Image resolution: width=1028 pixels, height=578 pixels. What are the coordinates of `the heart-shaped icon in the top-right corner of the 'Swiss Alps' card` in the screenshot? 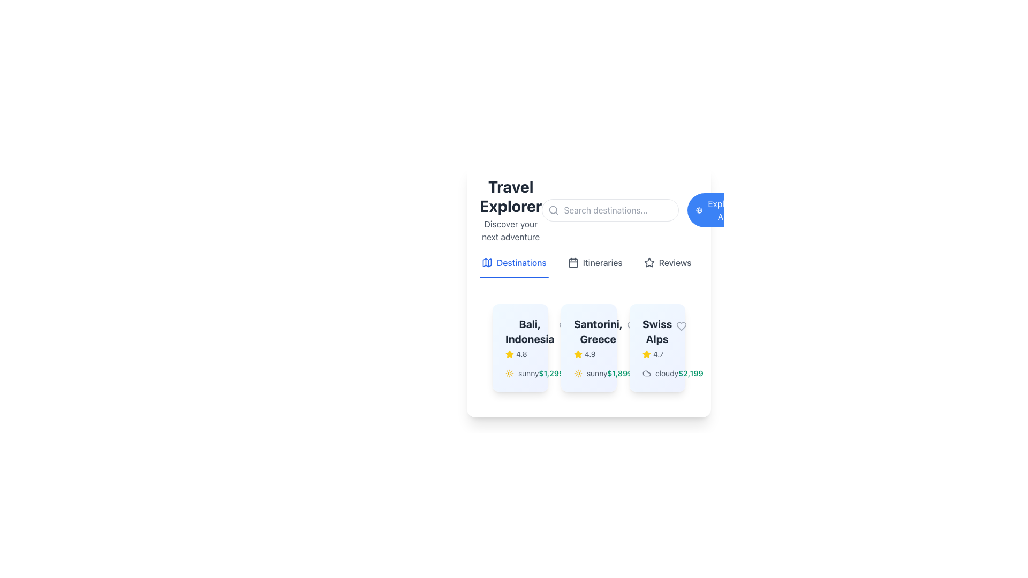 It's located at (632, 325).